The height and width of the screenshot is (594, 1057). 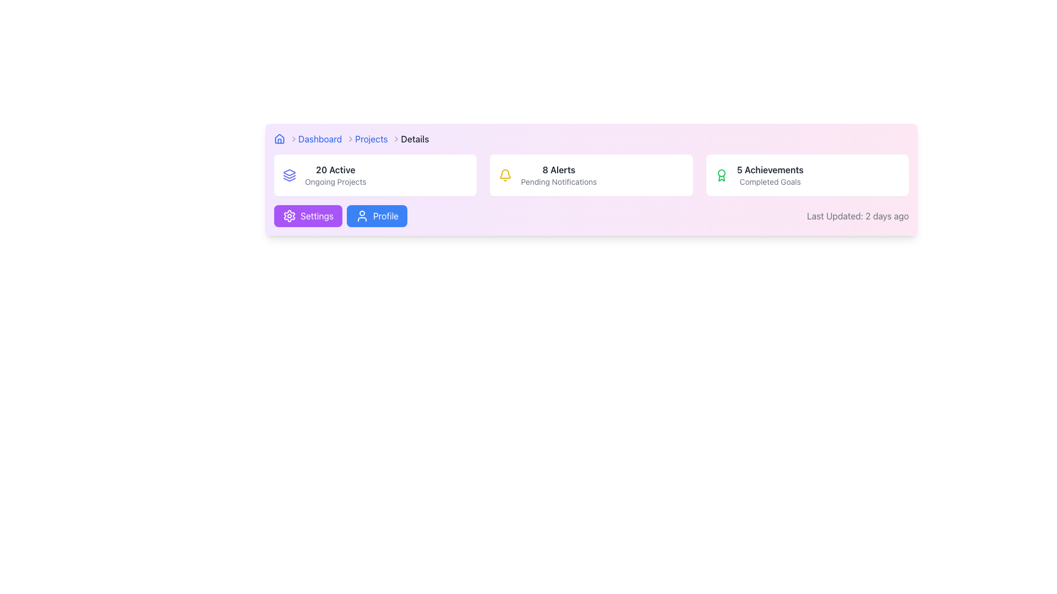 What do you see at coordinates (317, 216) in the screenshot?
I see `the purple button labeled 'Settings' that contains the text label 'Settings' to interact with it` at bounding box center [317, 216].